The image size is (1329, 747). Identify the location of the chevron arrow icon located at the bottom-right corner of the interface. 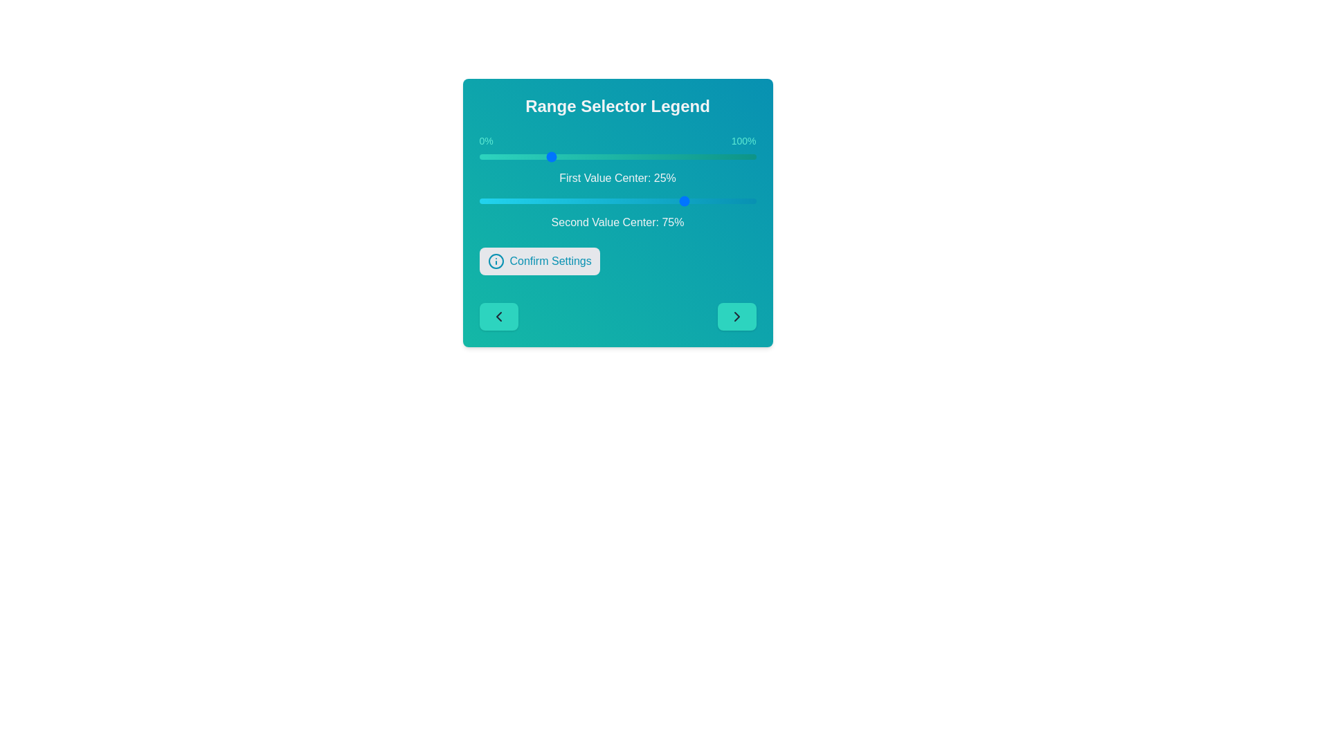
(736, 317).